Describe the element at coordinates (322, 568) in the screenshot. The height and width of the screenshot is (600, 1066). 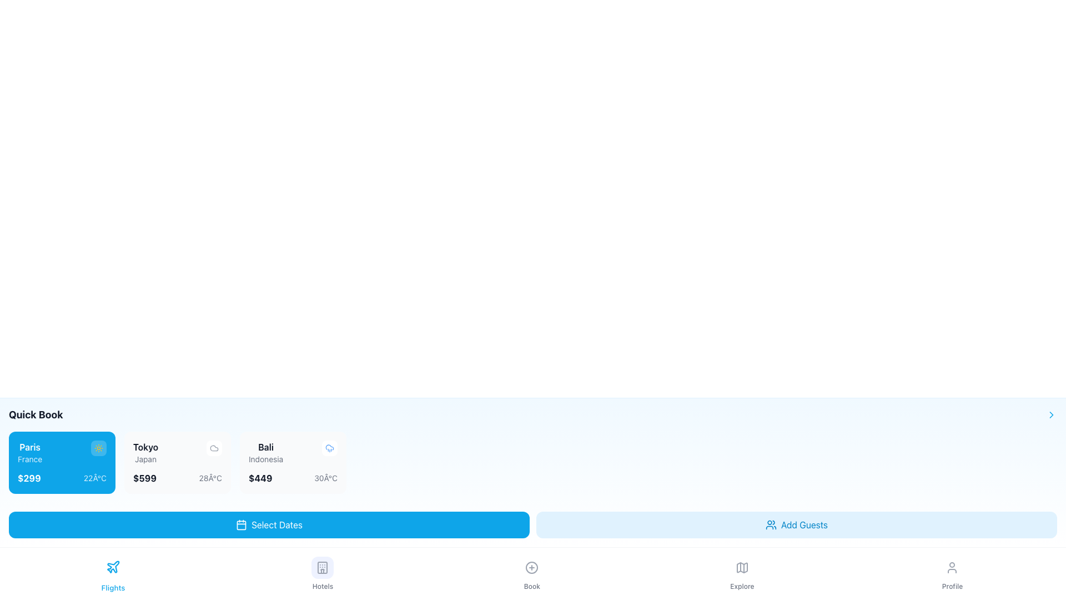
I see `the 'Hotels' icon` at that location.